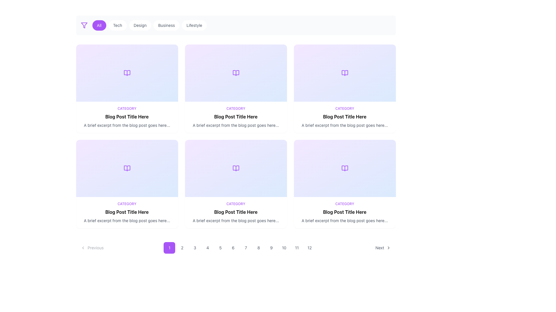  I want to click on the ninth button in the horizontal sequence of twelve buttons, so click(271, 247).